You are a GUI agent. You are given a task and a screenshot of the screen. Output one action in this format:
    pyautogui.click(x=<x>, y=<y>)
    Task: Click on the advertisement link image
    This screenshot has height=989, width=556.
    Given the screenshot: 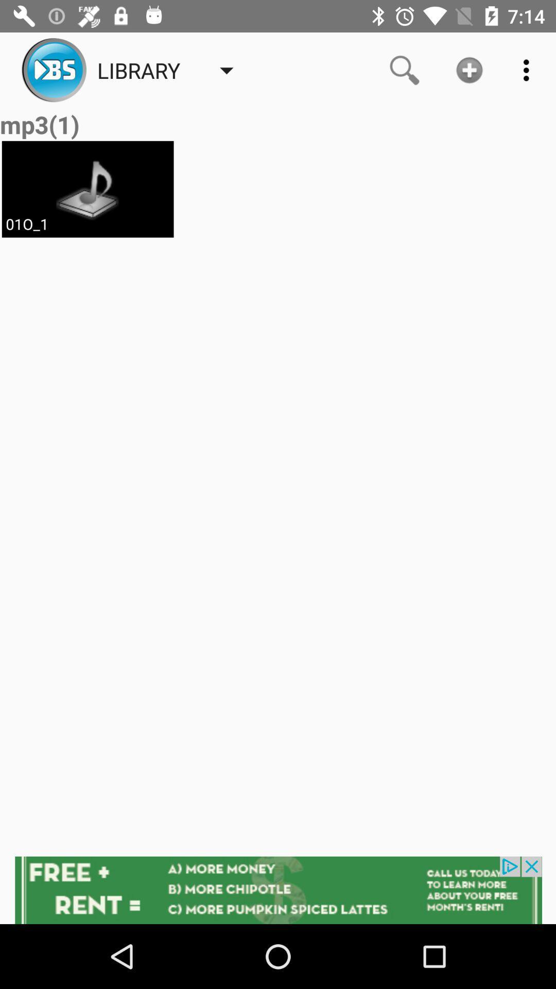 What is the action you would take?
    pyautogui.click(x=278, y=890)
    